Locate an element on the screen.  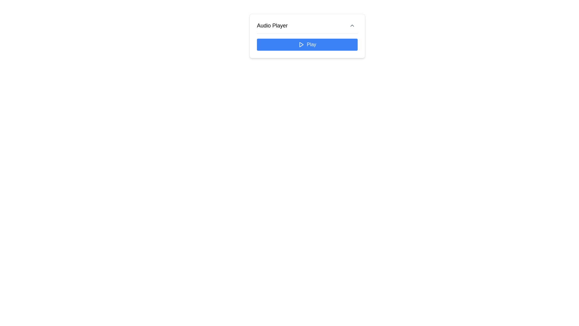
the 'Play' icon located in the 'Play' button of the audio player to initiate audio playback is located at coordinates (301, 44).